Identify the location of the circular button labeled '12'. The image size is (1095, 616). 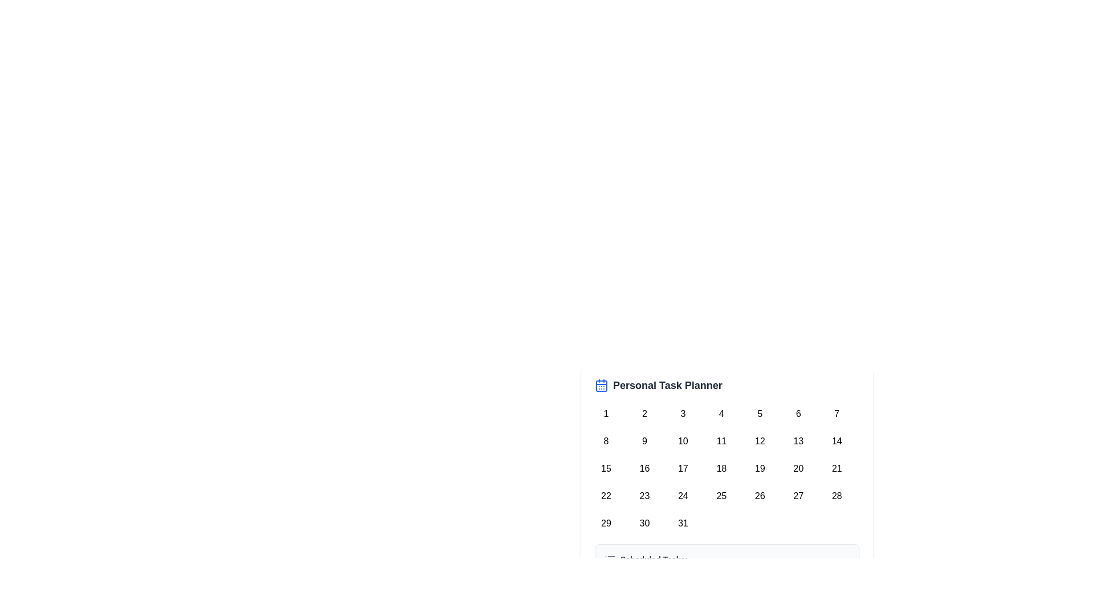
(760, 441).